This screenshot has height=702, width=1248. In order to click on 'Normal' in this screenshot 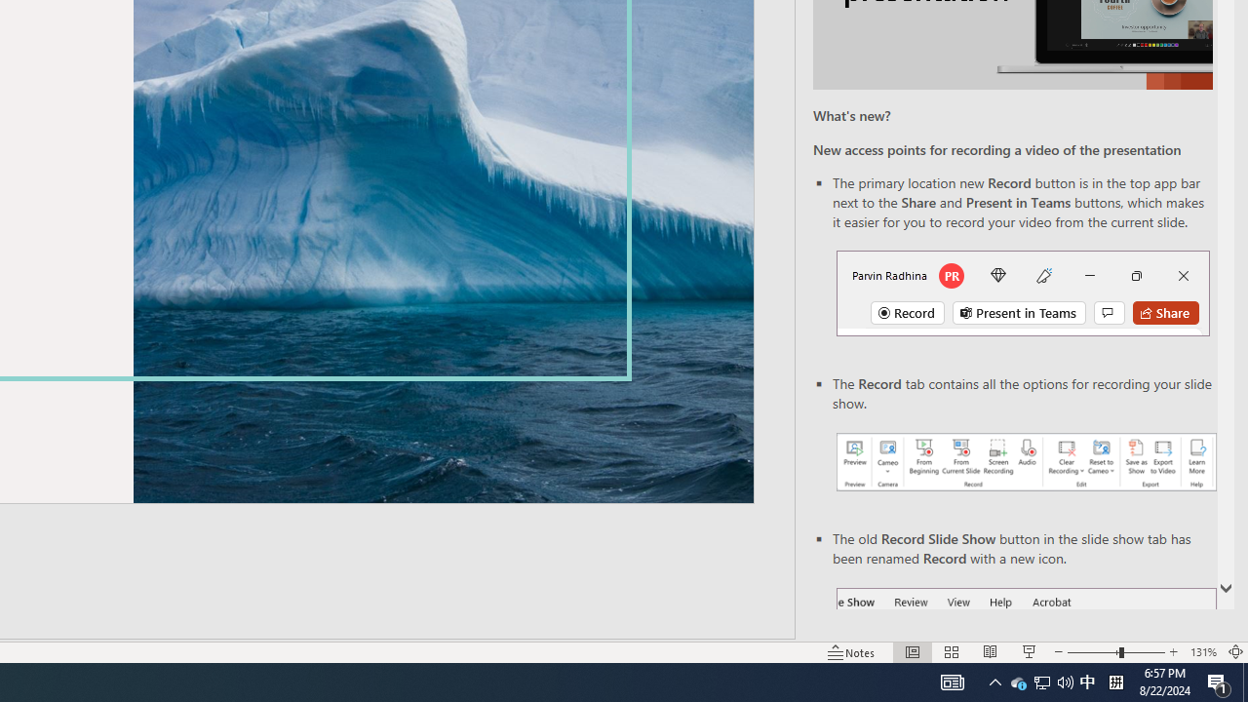, I will do `click(912, 652)`.